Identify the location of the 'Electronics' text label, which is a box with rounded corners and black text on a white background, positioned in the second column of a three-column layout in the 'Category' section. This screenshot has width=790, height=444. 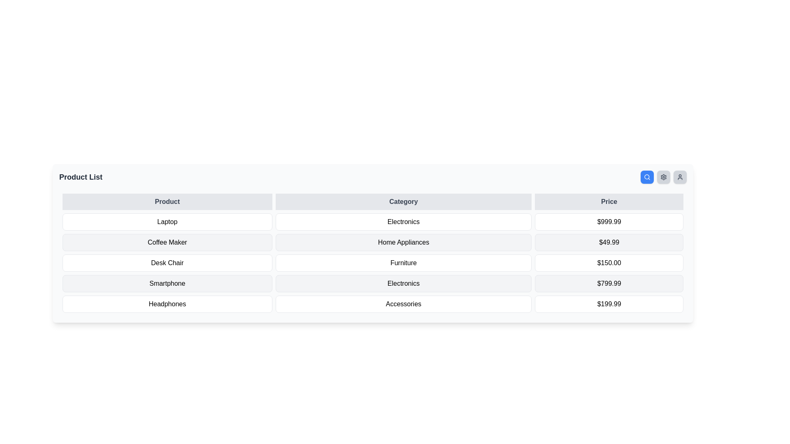
(403, 222).